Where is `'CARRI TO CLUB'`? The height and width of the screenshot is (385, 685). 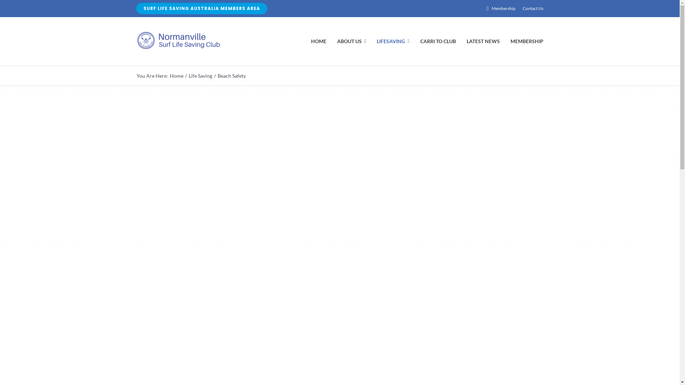 'CARRI TO CLUB' is located at coordinates (438, 41).